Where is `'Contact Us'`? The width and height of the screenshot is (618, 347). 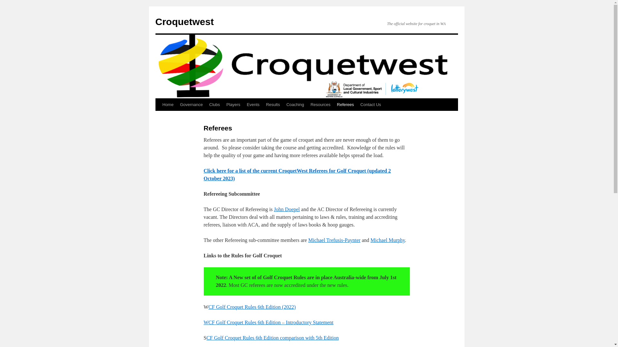
'Contact Us' is located at coordinates (371, 104).